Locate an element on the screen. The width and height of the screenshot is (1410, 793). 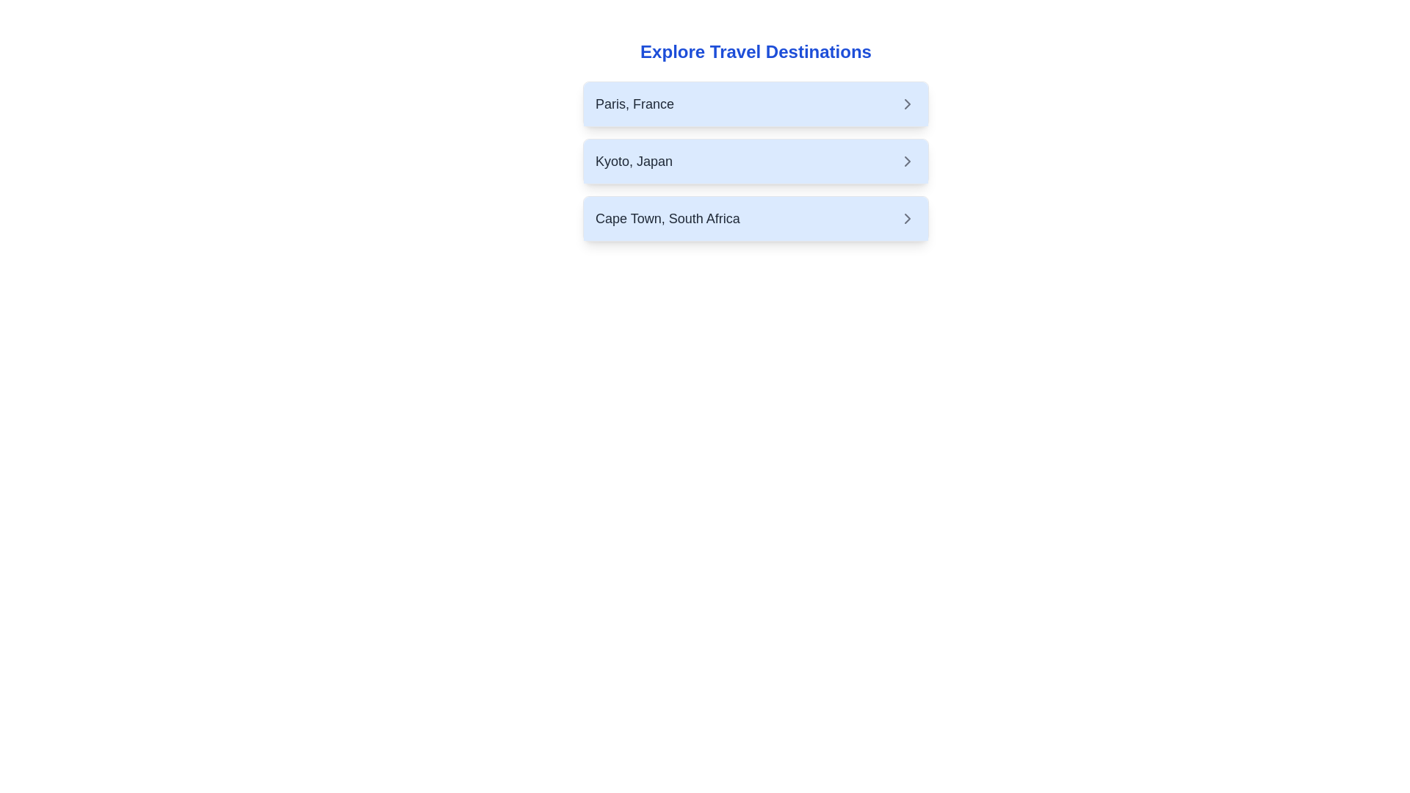
the static text element that displays 'Cape Town, South Africa', which is located inside the third rectangular button under the heading 'Explore Travel Destinations' is located at coordinates (667, 218).